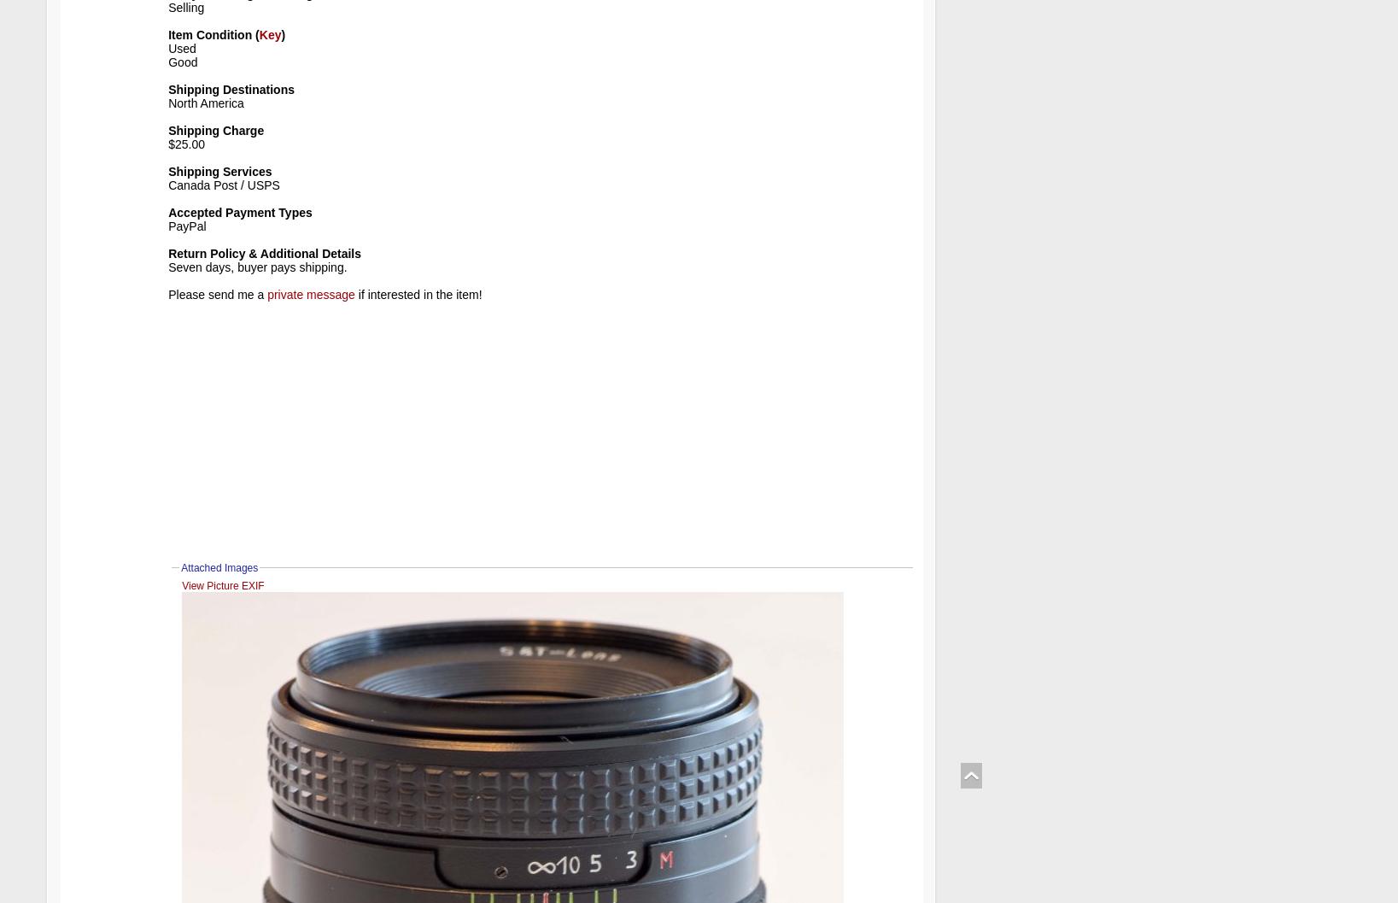  I want to click on 'View Picture EXIF', so click(221, 584).